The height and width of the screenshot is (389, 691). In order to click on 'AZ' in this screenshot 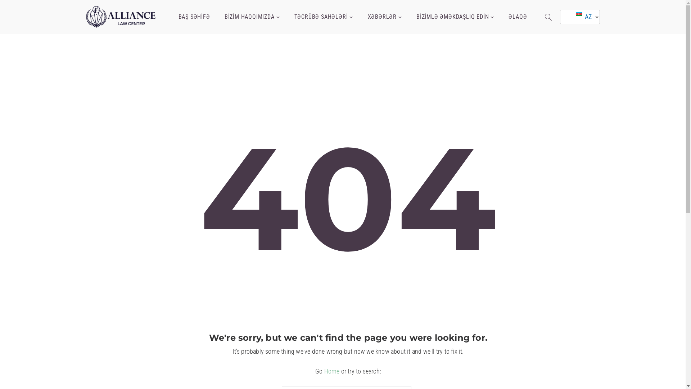, I will do `click(577, 16)`.